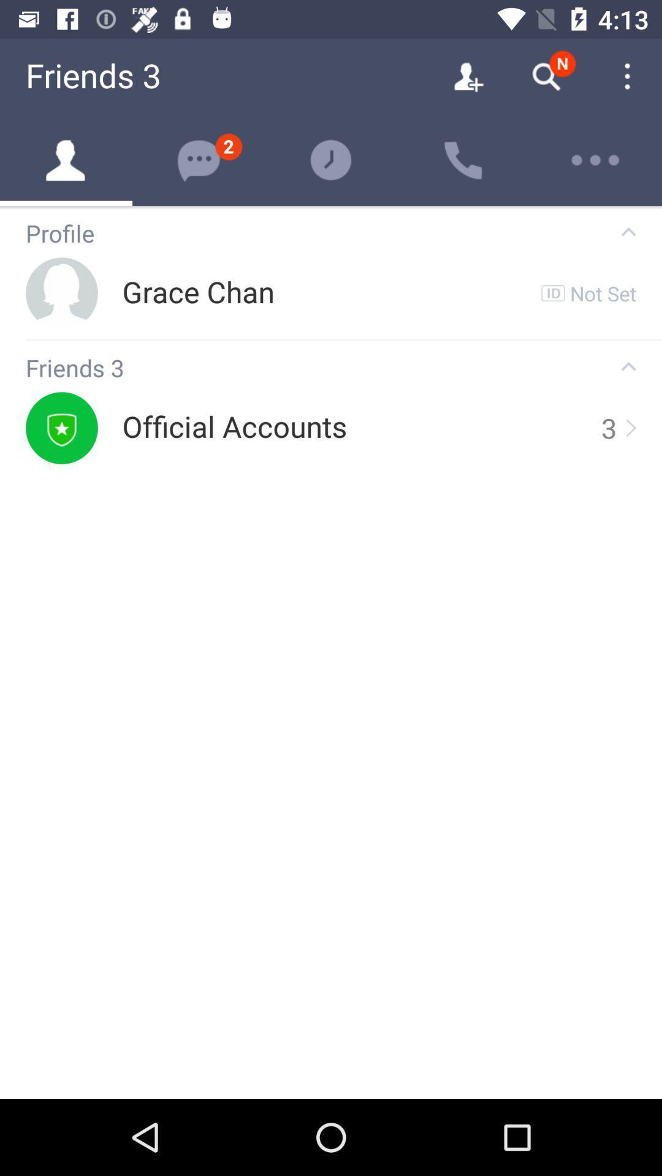 Image resolution: width=662 pixels, height=1176 pixels. I want to click on the notifications which is above the search icon, so click(563, 63).